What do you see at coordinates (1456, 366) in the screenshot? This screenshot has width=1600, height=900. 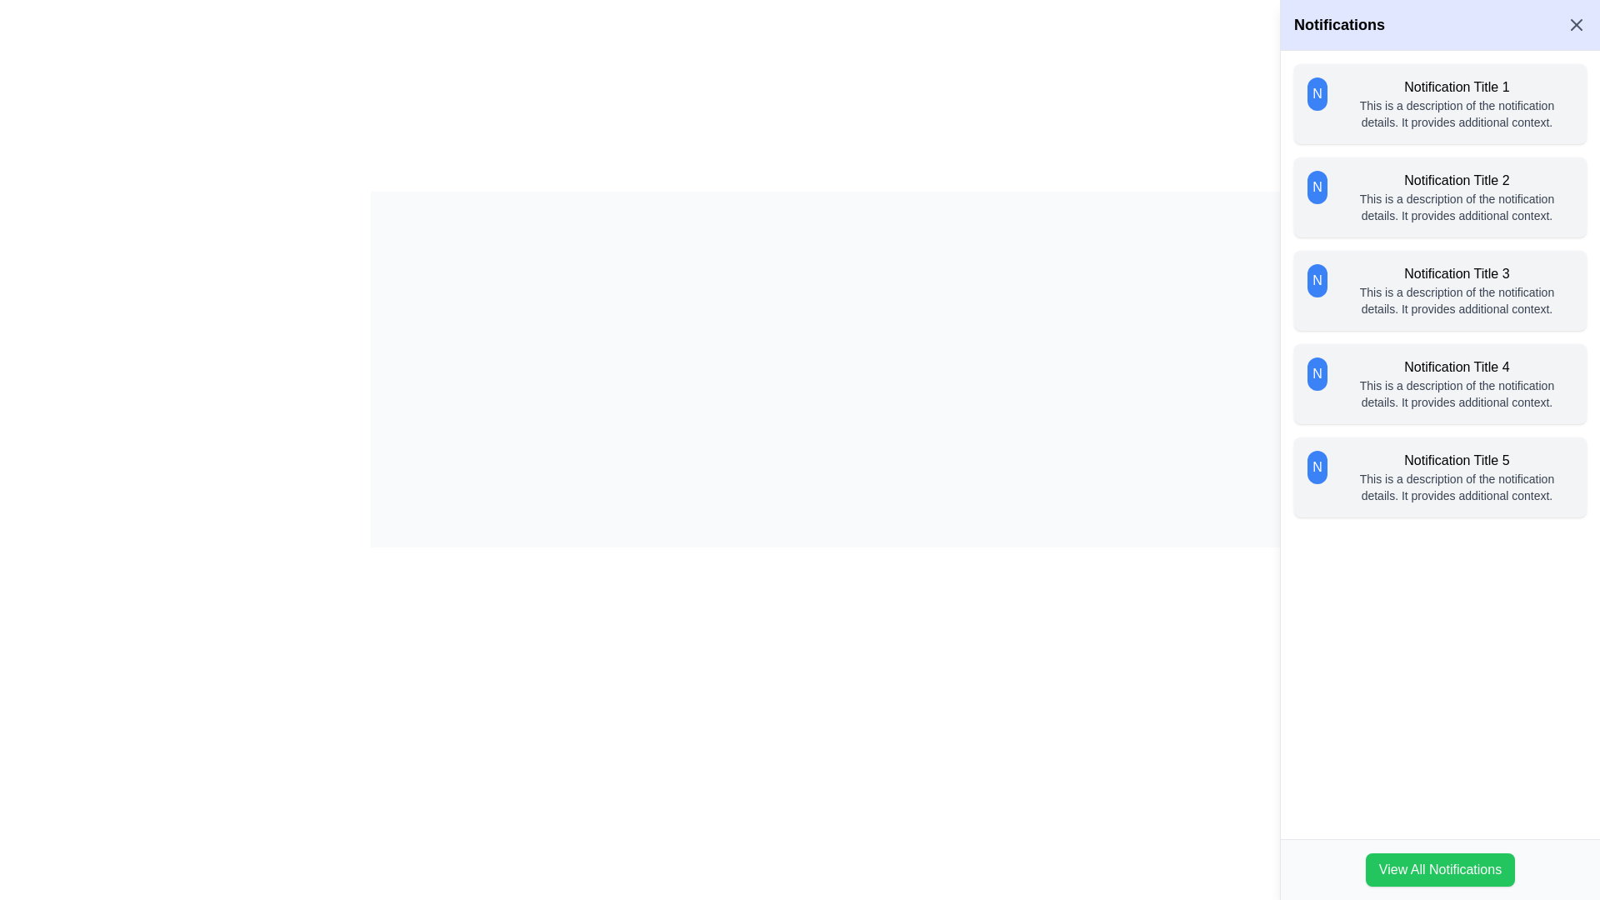 I see `text content of the title in the fourth notification card, which summarizes the main subject of the notification` at bounding box center [1456, 366].